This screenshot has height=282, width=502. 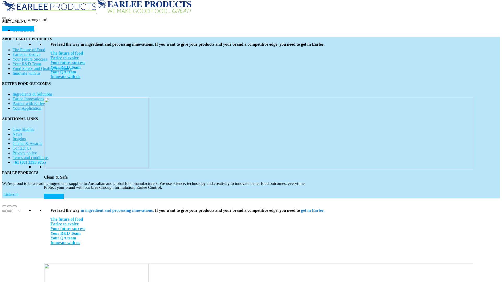 What do you see at coordinates (9, 206) in the screenshot?
I see `'Toggle fullscreen'` at bounding box center [9, 206].